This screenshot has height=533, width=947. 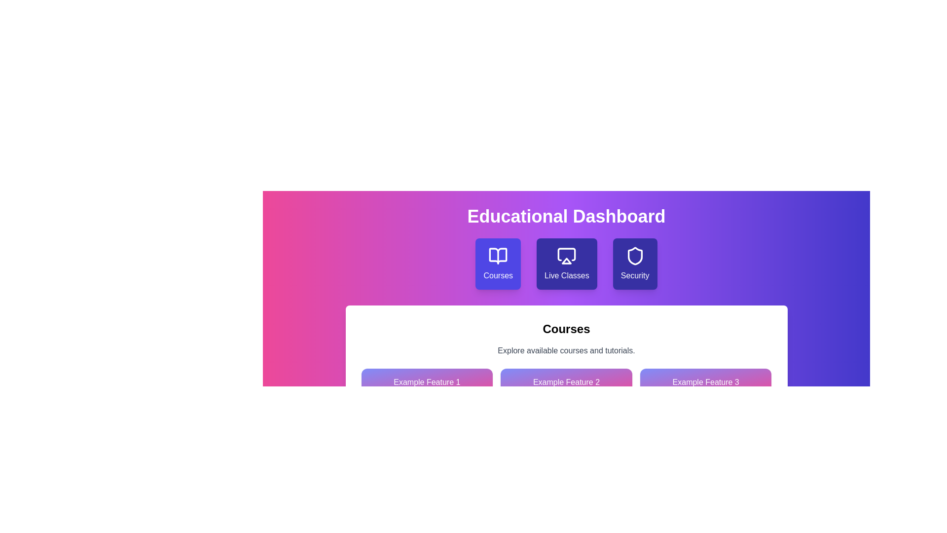 I want to click on the button labeled 'Live Classes' to observe the visual effect, so click(x=566, y=264).